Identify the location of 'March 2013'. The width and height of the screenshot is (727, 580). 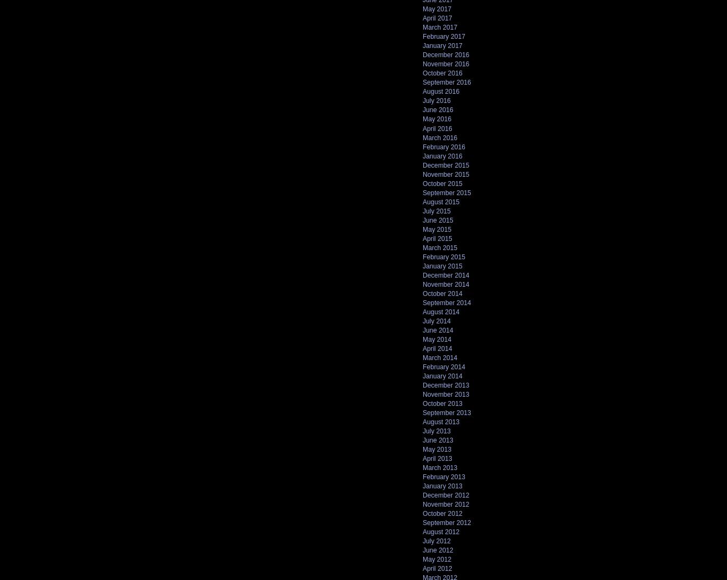
(440, 468).